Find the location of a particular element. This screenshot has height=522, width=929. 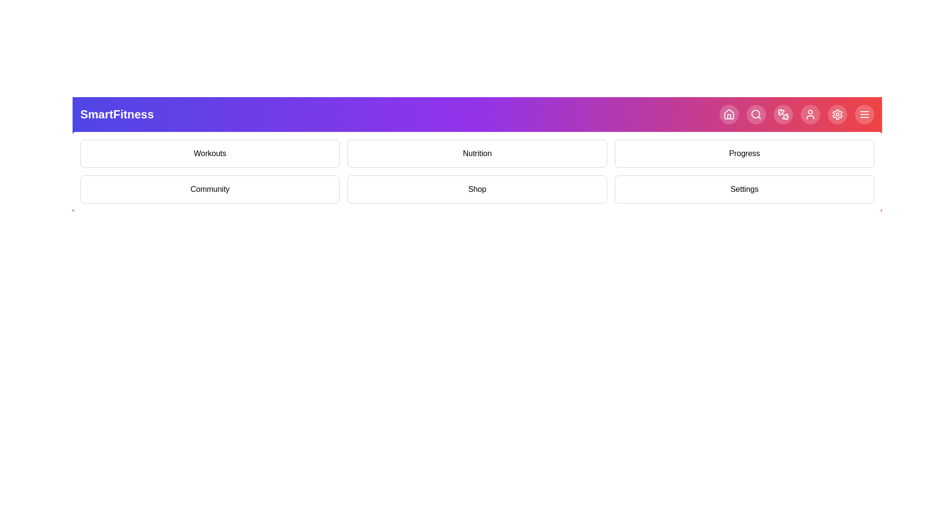

the navigation icon corresponding to User is located at coordinates (810, 114).